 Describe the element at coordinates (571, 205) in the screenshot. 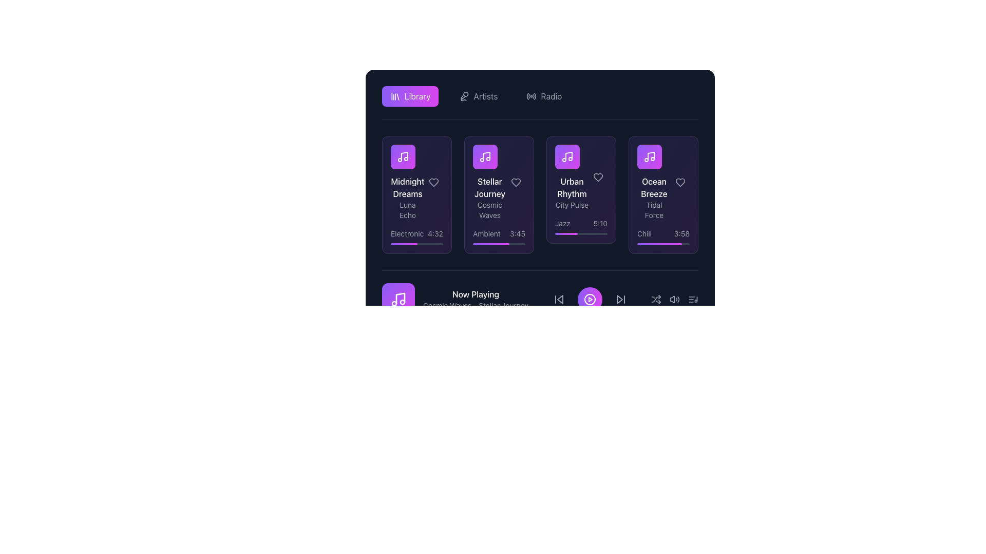

I see `static text label displaying 'City Pulse', which is a small gray font located below the main label 'Urban Rhythm' in the third music card` at that location.